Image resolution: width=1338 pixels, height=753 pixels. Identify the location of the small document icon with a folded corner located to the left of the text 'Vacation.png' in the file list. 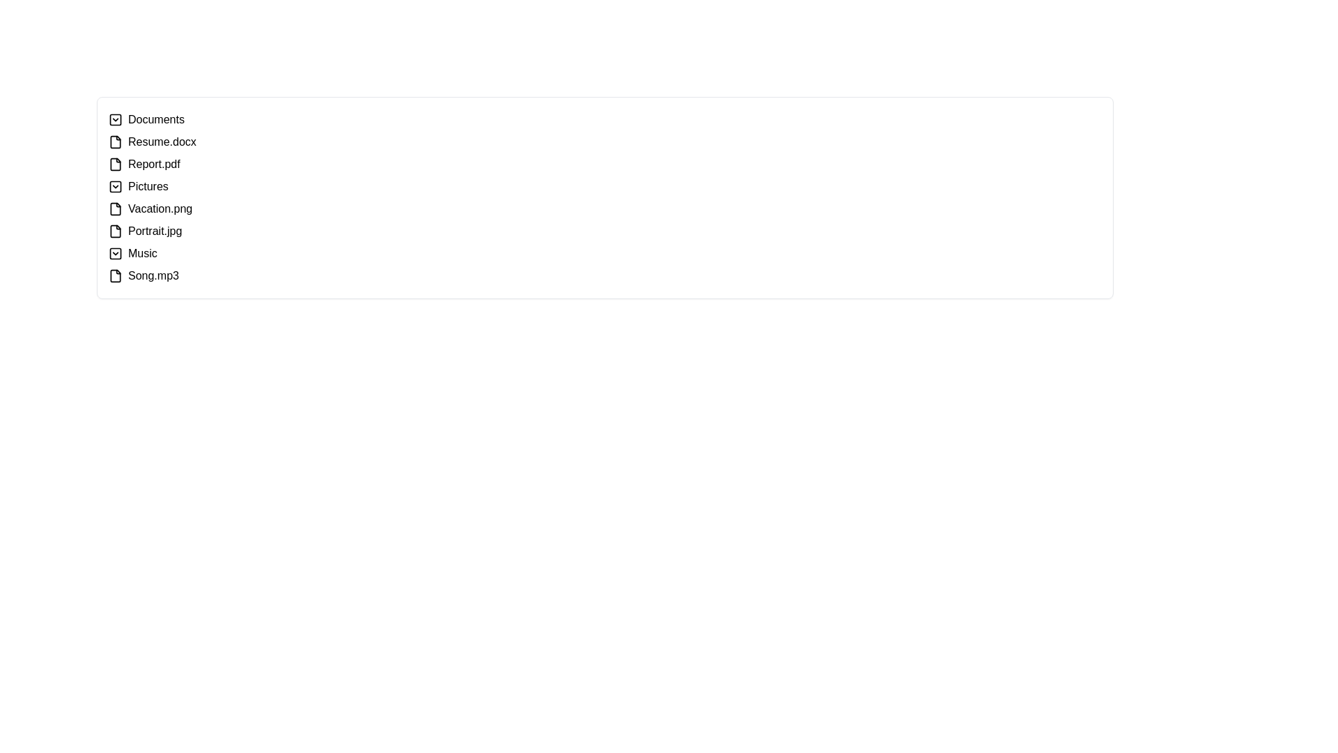
(116, 209).